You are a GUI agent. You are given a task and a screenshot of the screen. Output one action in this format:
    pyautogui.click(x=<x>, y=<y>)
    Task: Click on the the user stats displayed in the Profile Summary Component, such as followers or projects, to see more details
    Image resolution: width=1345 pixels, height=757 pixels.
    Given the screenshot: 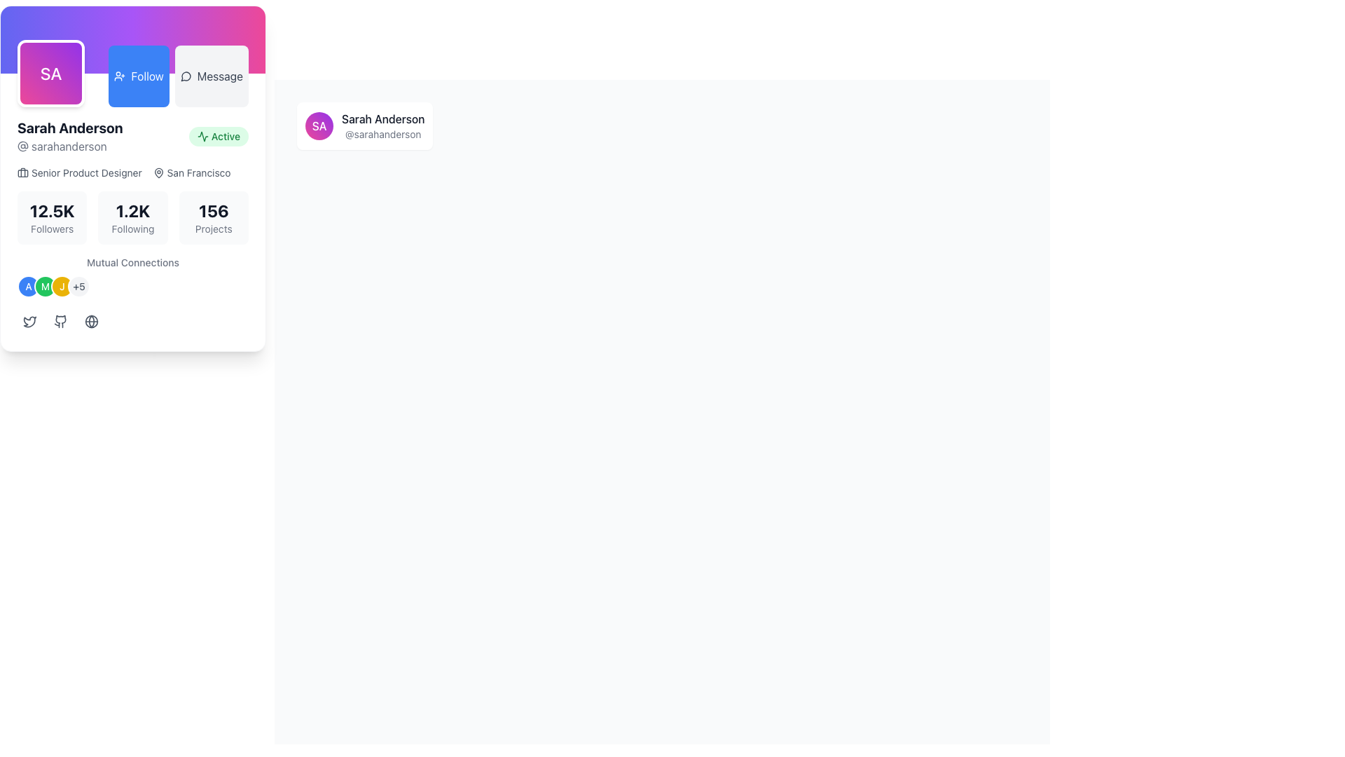 What is the action you would take?
    pyautogui.click(x=133, y=226)
    